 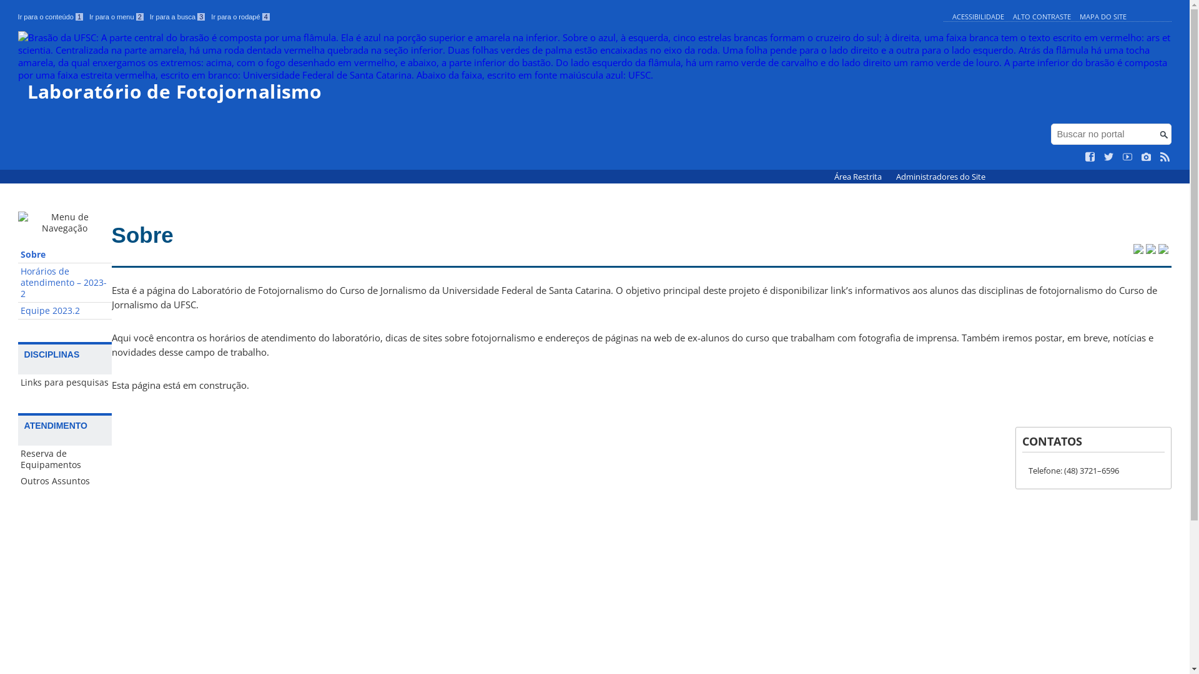 What do you see at coordinates (1103, 16) in the screenshot?
I see `'MAPA DO SITE'` at bounding box center [1103, 16].